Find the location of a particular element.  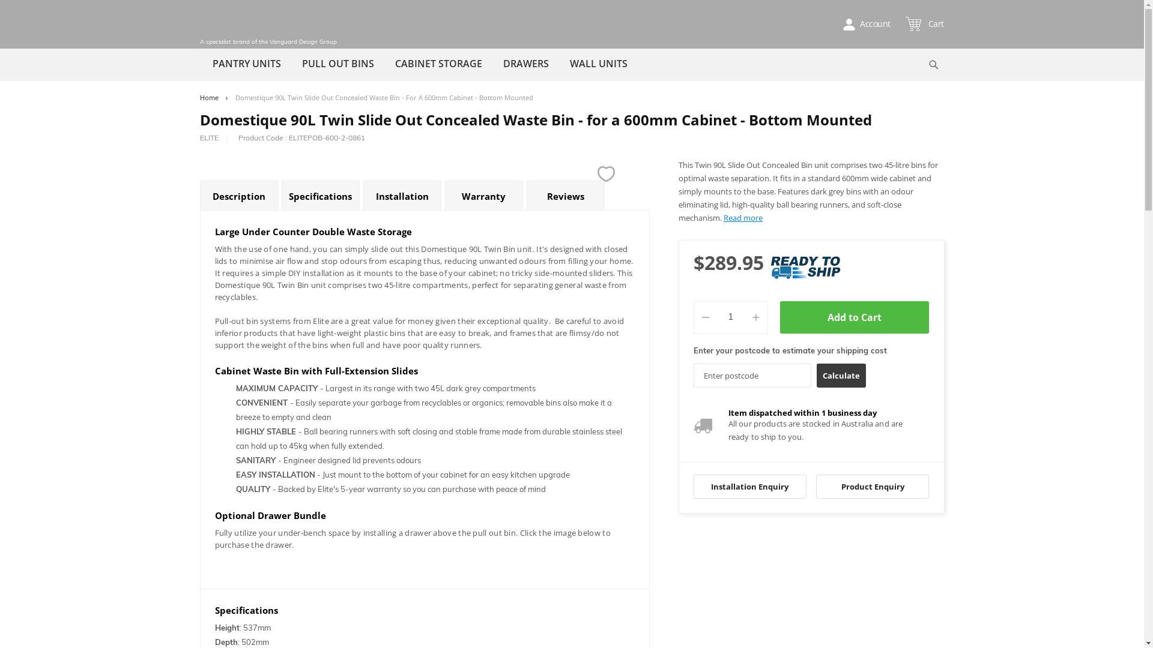

'Description' is located at coordinates (238, 195).